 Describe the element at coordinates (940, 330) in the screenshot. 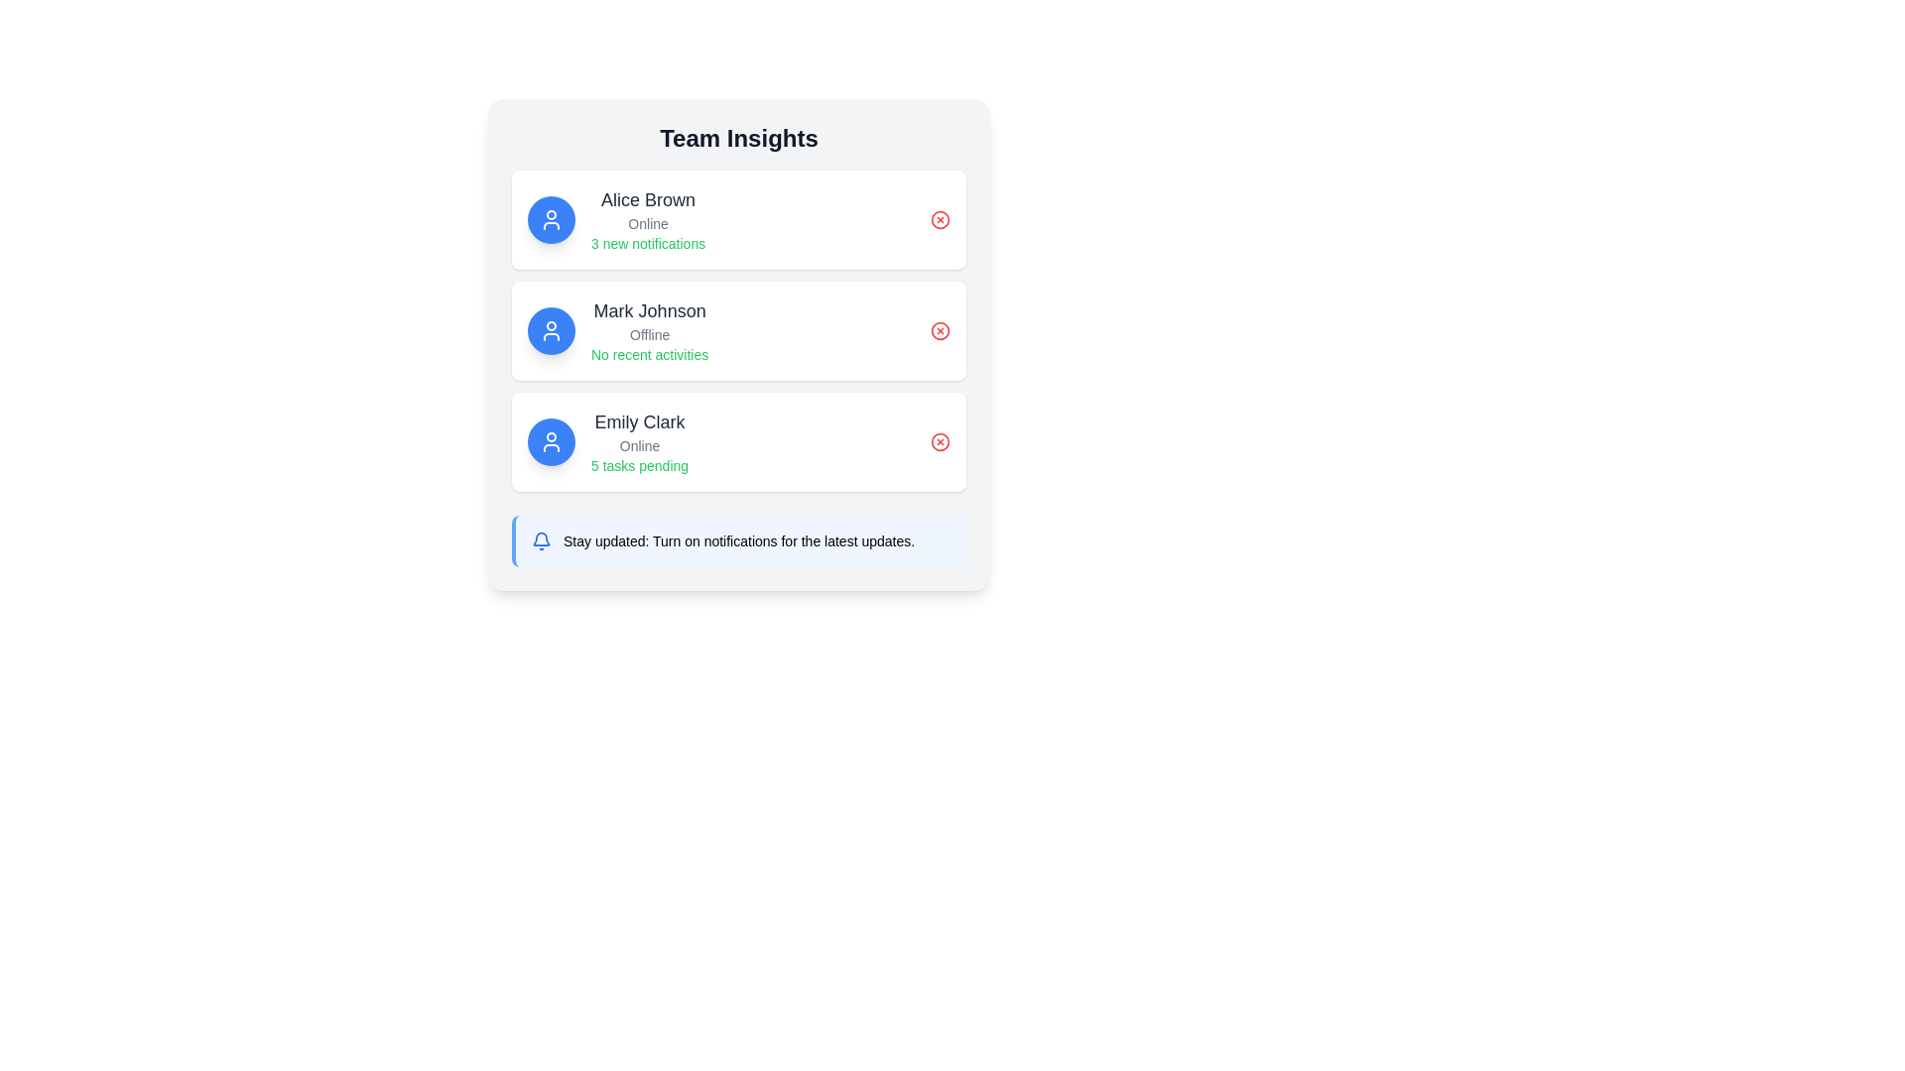

I see `the close button located in the top-right corner of the second card in a vertically stacked list of card elements` at that location.